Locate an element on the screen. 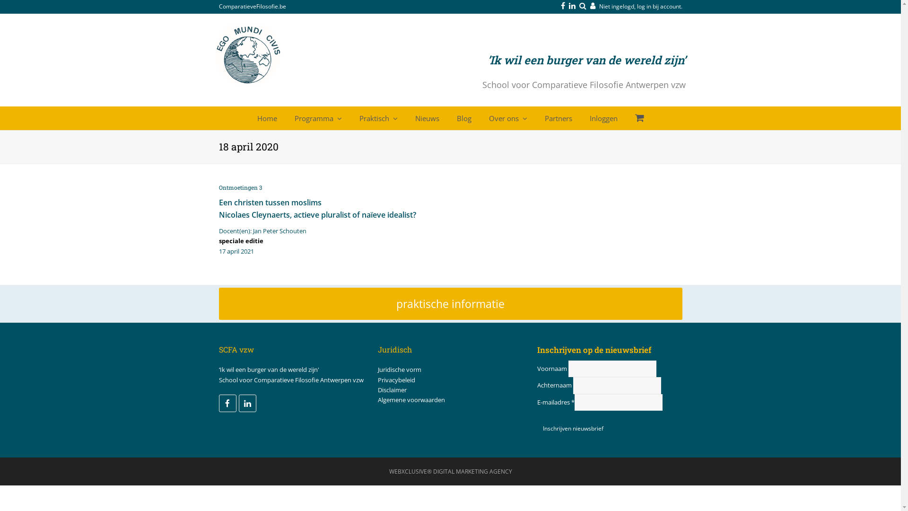 The height and width of the screenshot is (511, 908). 'Disclaimer' is located at coordinates (392, 390).